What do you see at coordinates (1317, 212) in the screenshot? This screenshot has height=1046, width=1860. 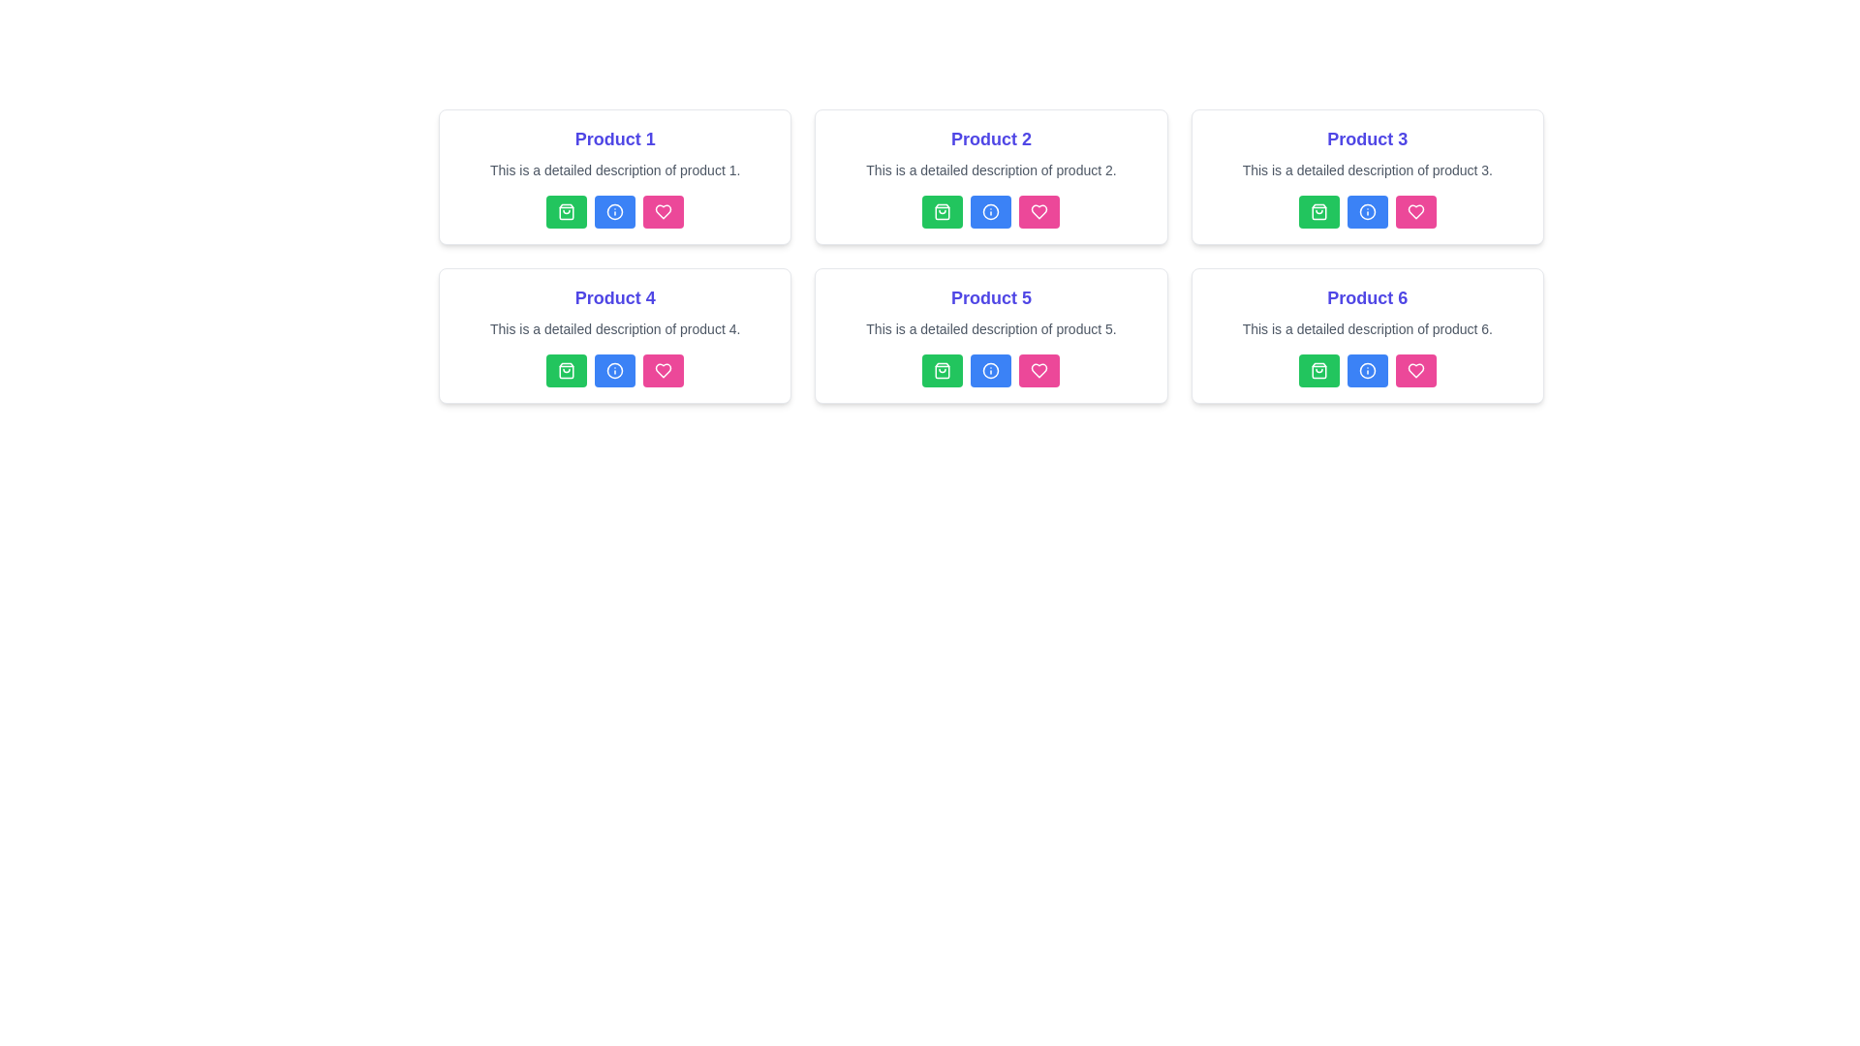 I see `the icon inside the green button that adds 'Product 3' to the shopping bag` at bounding box center [1317, 212].